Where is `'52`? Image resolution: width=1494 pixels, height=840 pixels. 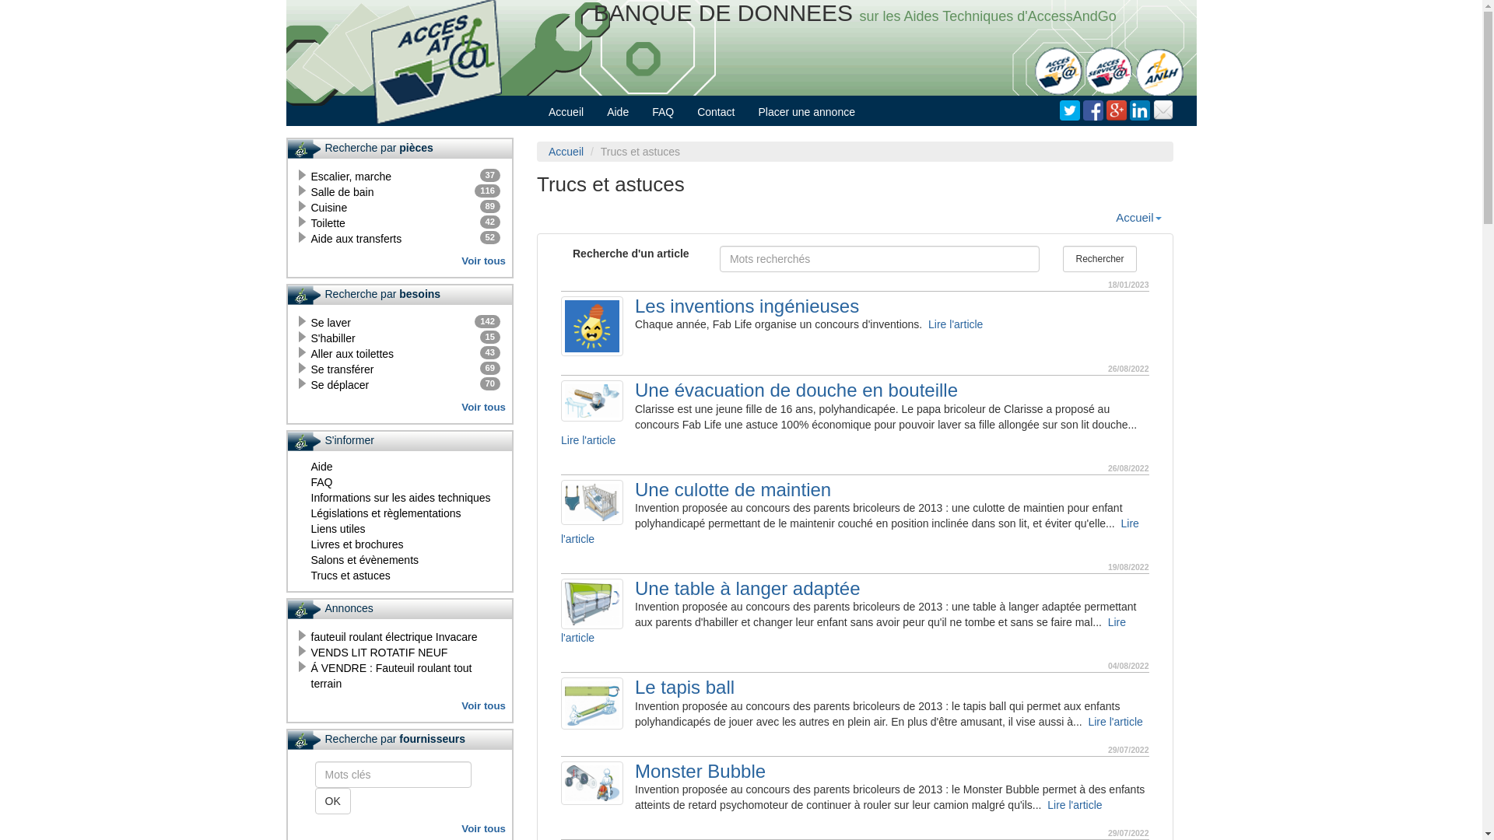 '52 is located at coordinates (356, 239).